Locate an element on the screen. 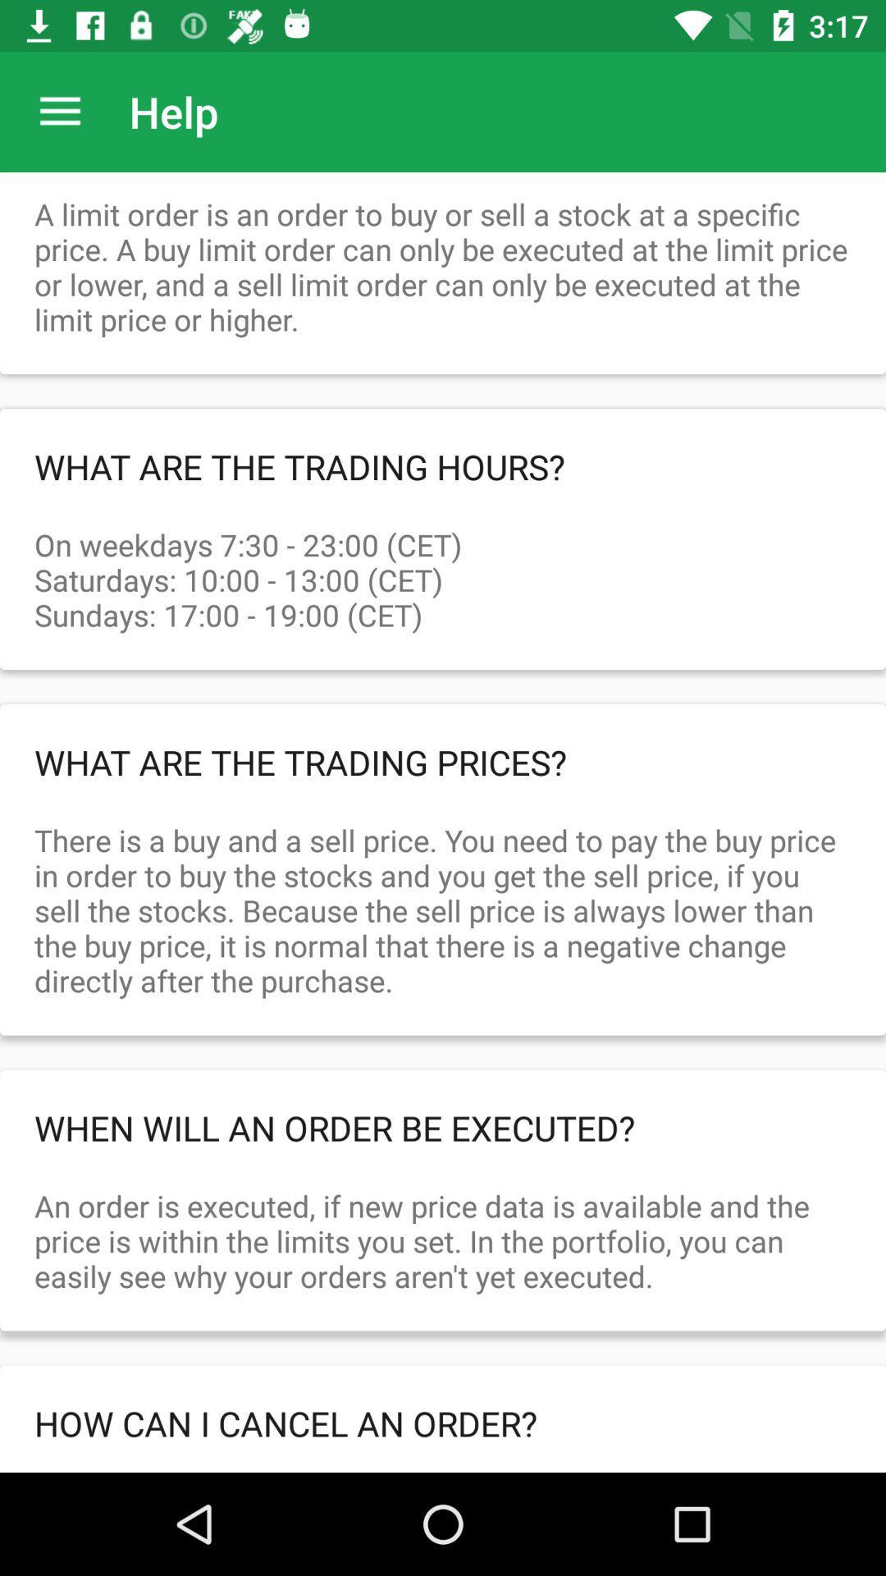 This screenshot has width=886, height=1576. the how can i is located at coordinates (443, 1422).